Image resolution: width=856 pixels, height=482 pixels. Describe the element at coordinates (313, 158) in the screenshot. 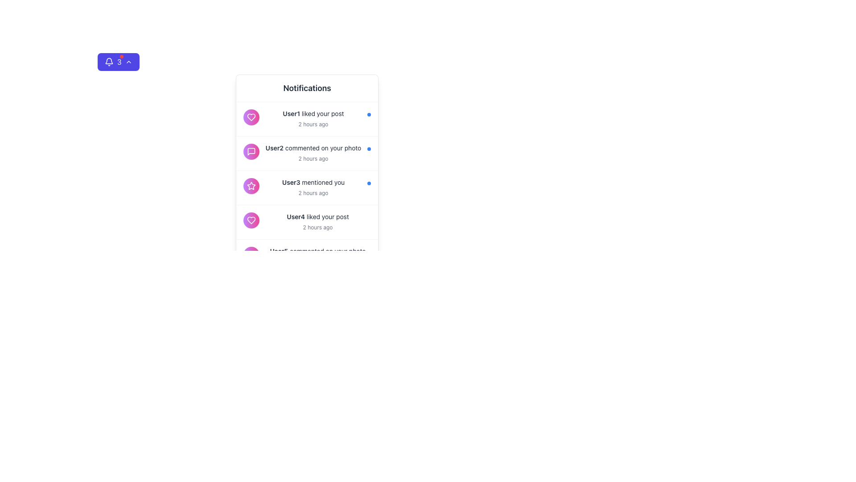

I see `timestamp displayed on the small text label that says '2 hours ago', located in the lower right corner of the notification entry` at that location.